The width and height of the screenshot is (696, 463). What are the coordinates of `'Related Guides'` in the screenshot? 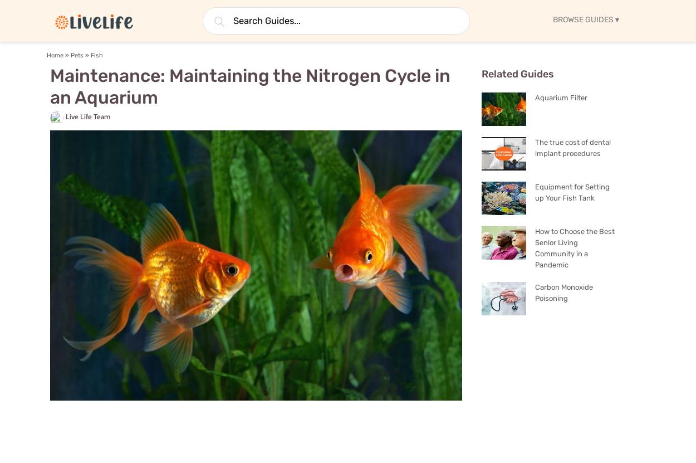 It's located at (481, 74).